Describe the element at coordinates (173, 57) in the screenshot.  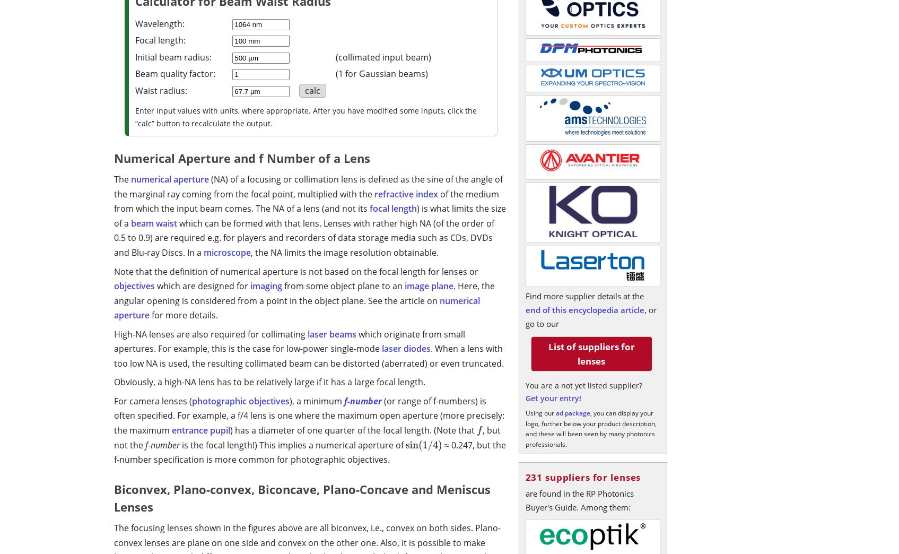
I see `'Initial beam radius:'` at that location.